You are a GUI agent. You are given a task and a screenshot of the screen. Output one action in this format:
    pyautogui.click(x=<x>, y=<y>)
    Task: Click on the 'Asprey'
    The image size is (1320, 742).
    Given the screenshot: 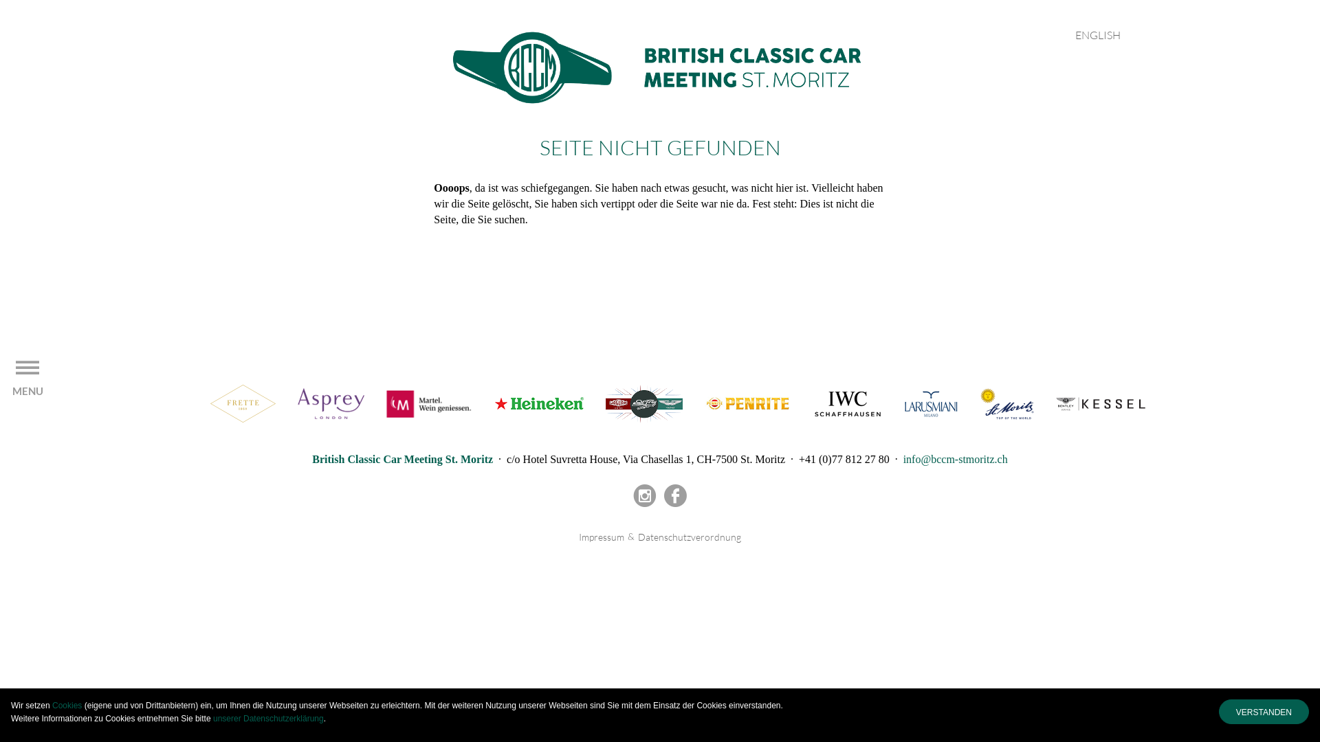 What is the action you would take?
    pyautogui.click(x=331, y=402)
    